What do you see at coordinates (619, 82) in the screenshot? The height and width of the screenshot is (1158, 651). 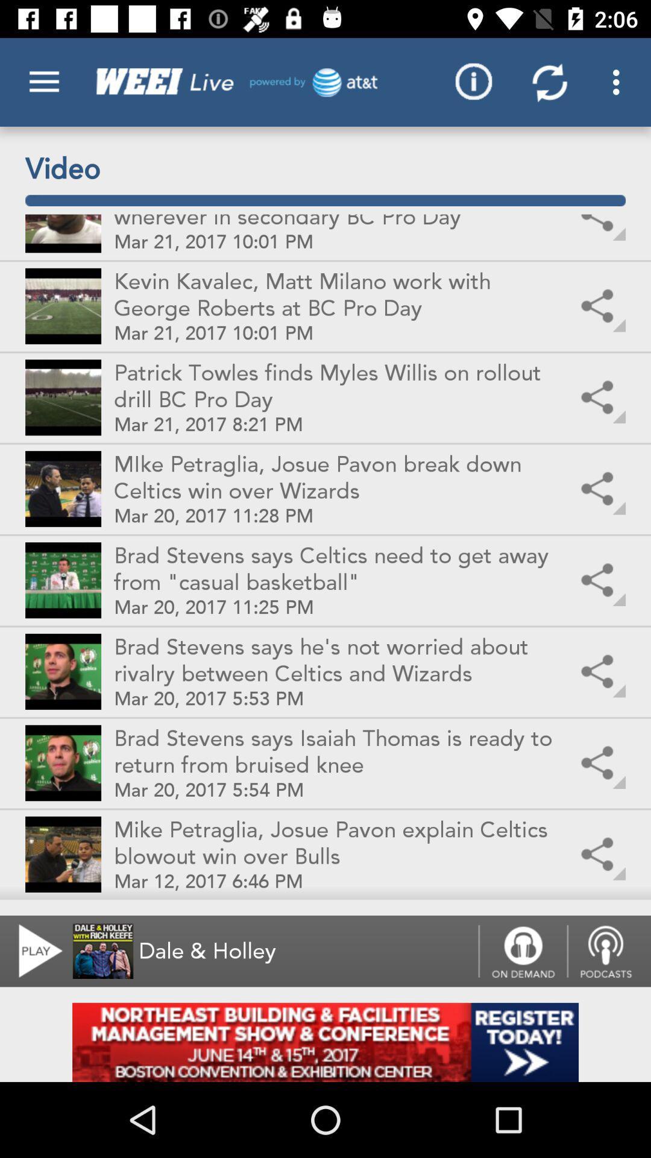 I see `the top right corner option` at bounding box center [619, 82].